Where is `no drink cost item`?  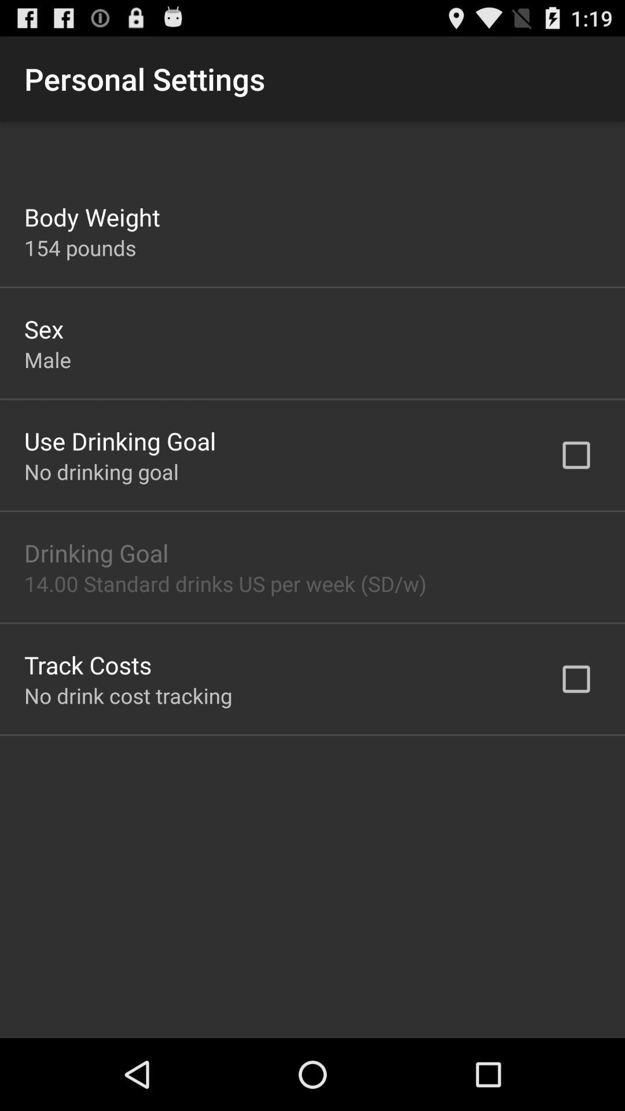
no drink cost item is located at coordinates (128, 695).